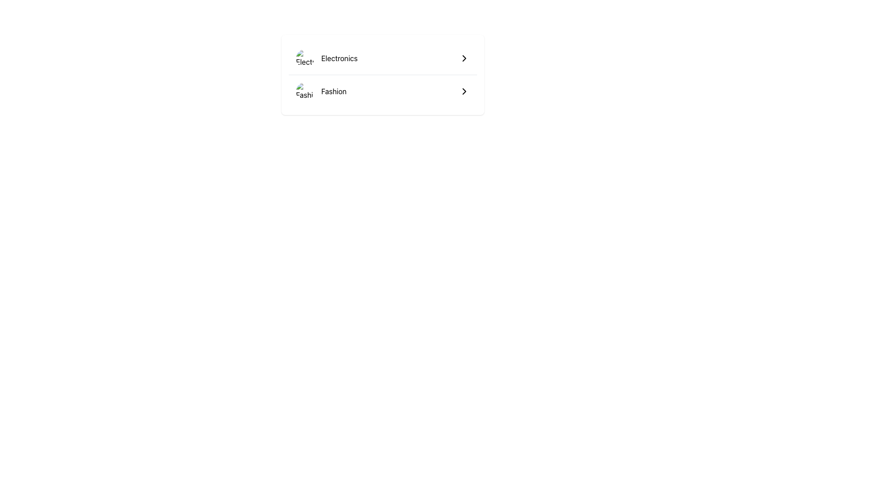 The width and height of the screenshot is (869, 489). I want to click on the 'Fashion' category icon located in the second row of the vertically stacked menu, which is the leftmost component beside the text 'Fashion', so click(305, 91).